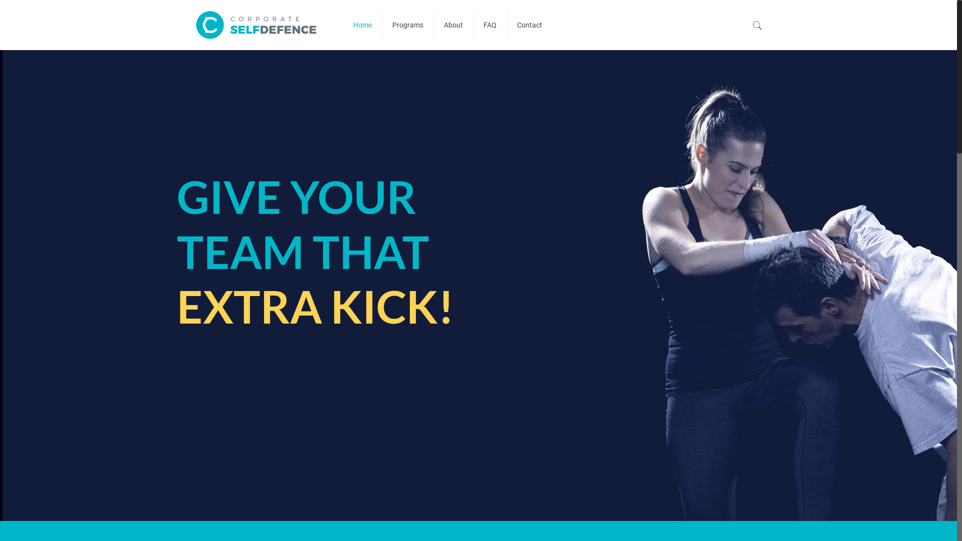 This screenshot has width=962, height=541. What do you see at coordinates (453, 25) in the screenshot?
I see `'About'` at bounding box center [453, 25].